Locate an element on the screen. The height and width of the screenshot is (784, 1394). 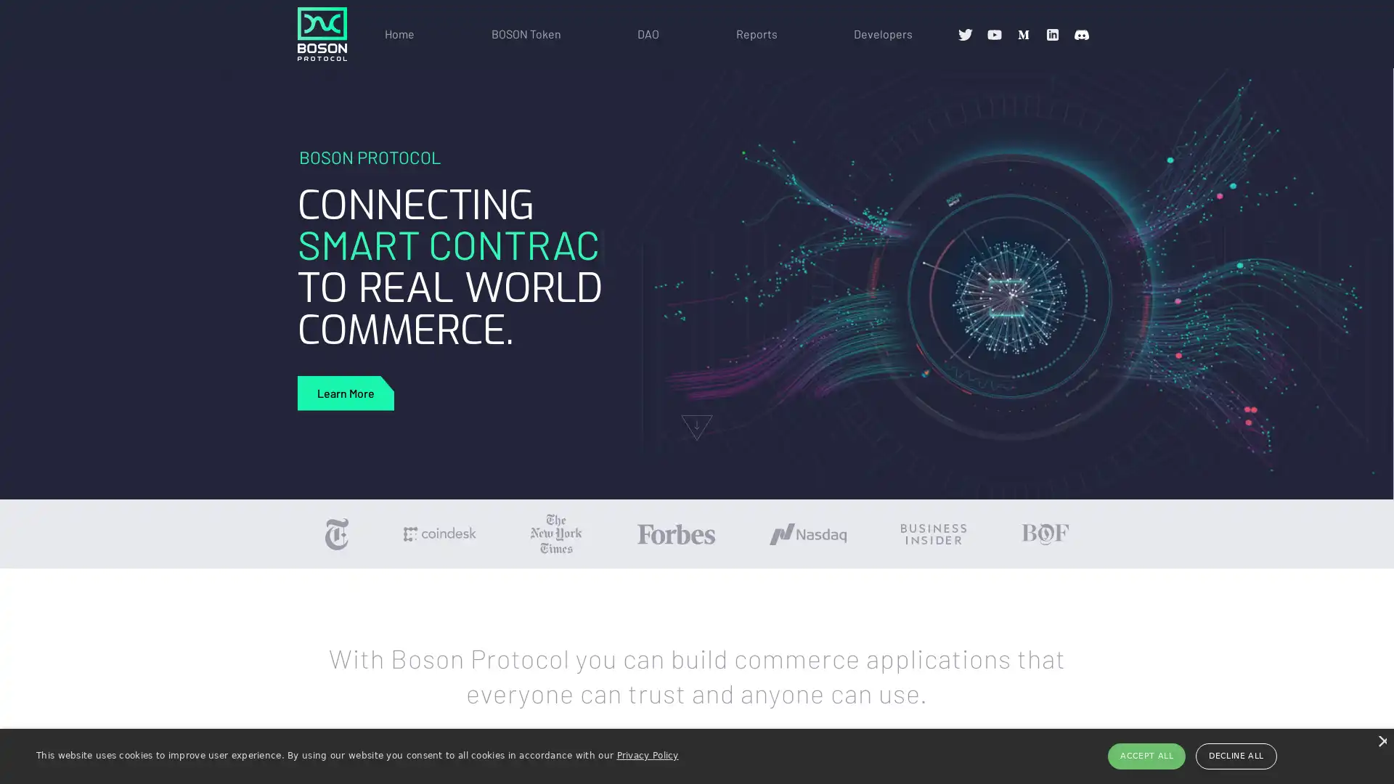
Close is located at coordinates (1380, 740).